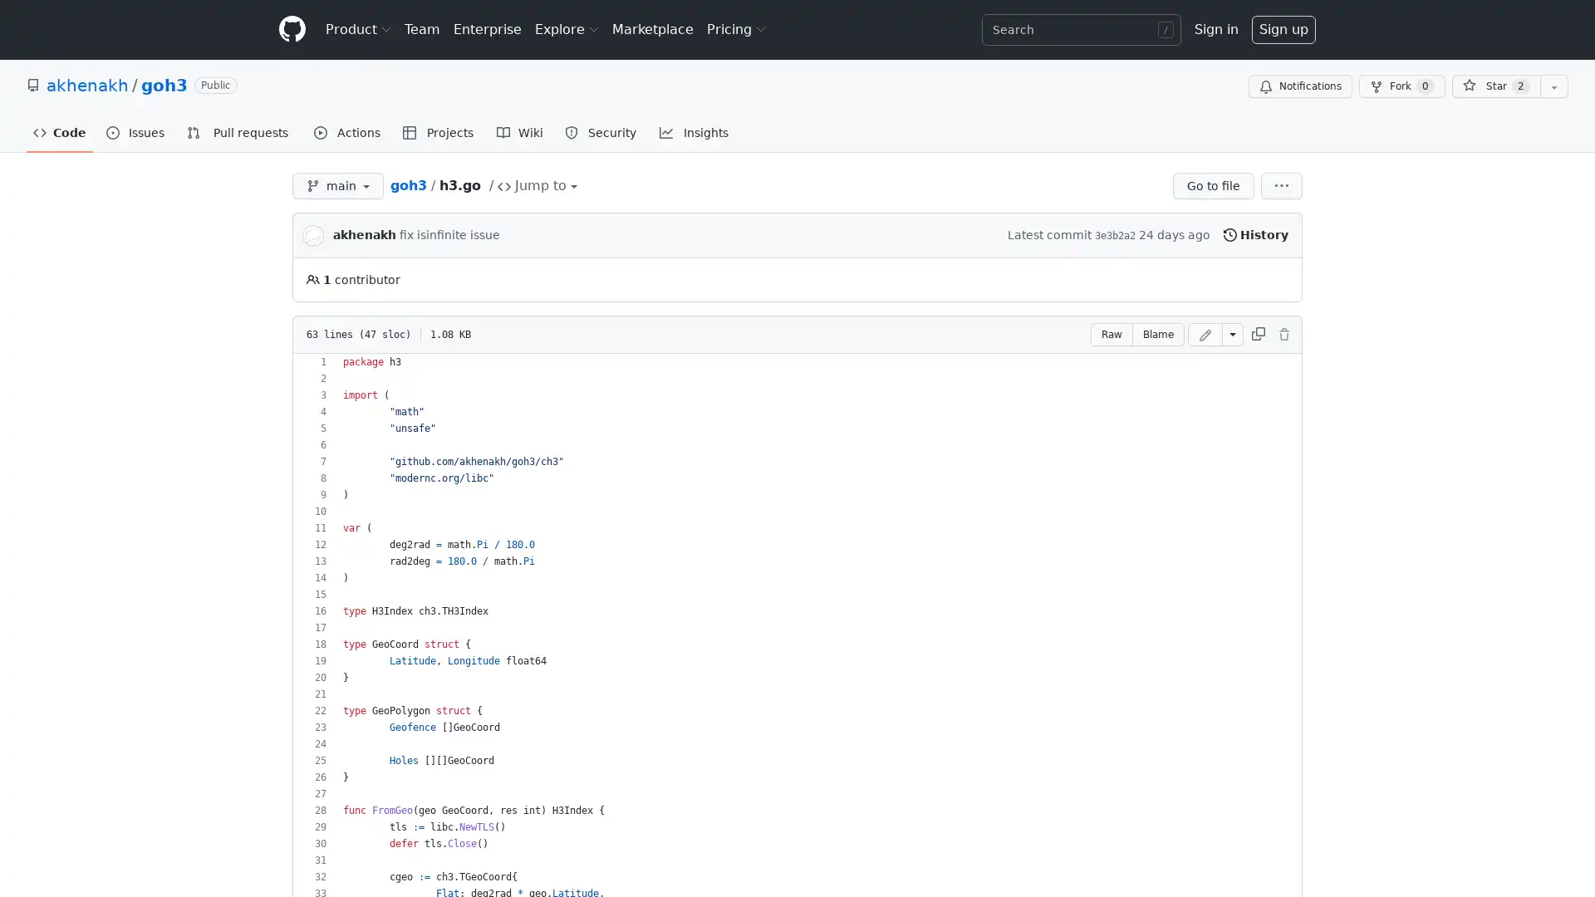 This screenshot has height=897, width=1595. What do you see at coordinates (352, 279) in the screenshot?
I see `1 contributor` at bounding box center [352, 279].